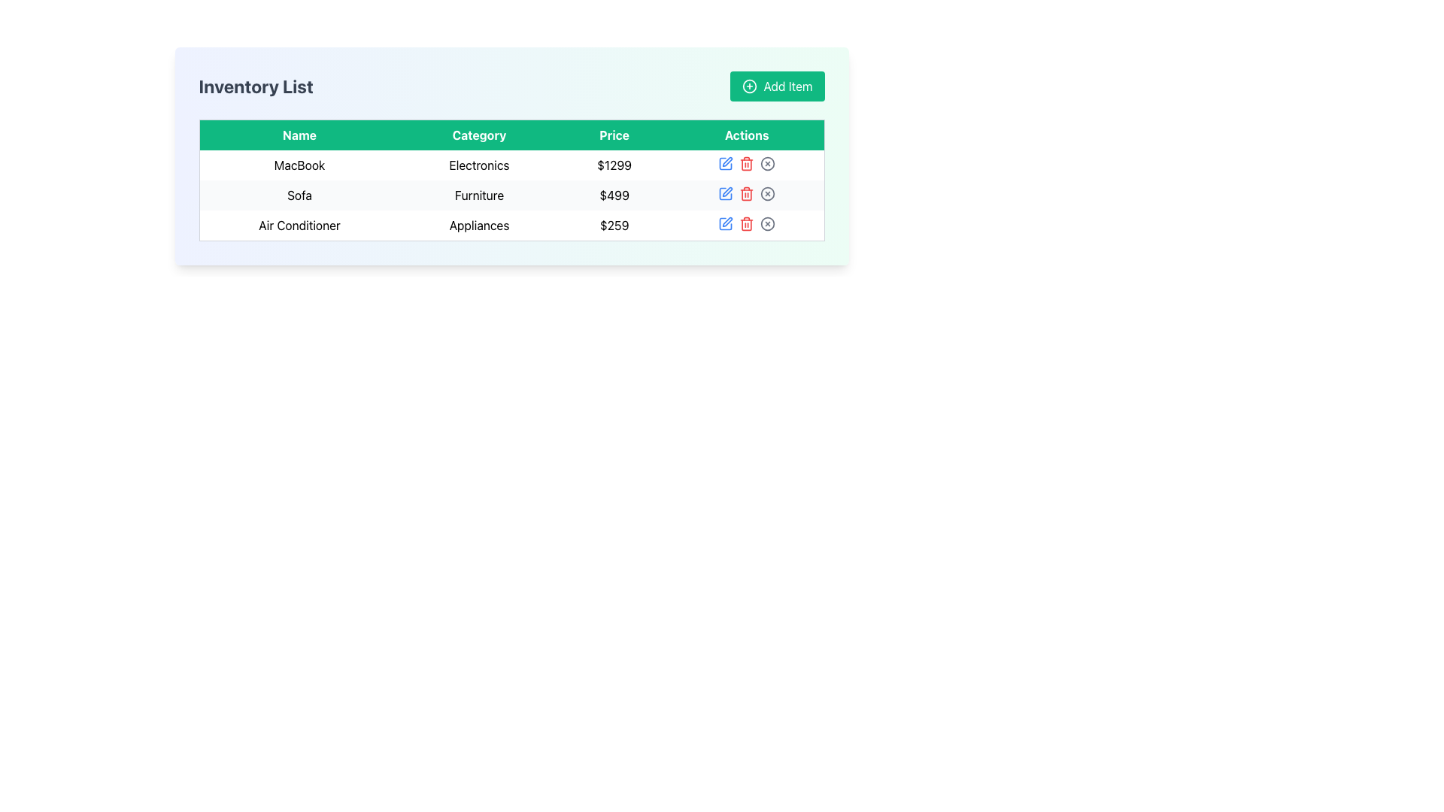 The height and width of the screenshot is (812, 1444). Describe the element at coordinates (768, 193) in the screenshot. I see `the last action button in the 'Actions' column for the item 'Sofa'` at that location.